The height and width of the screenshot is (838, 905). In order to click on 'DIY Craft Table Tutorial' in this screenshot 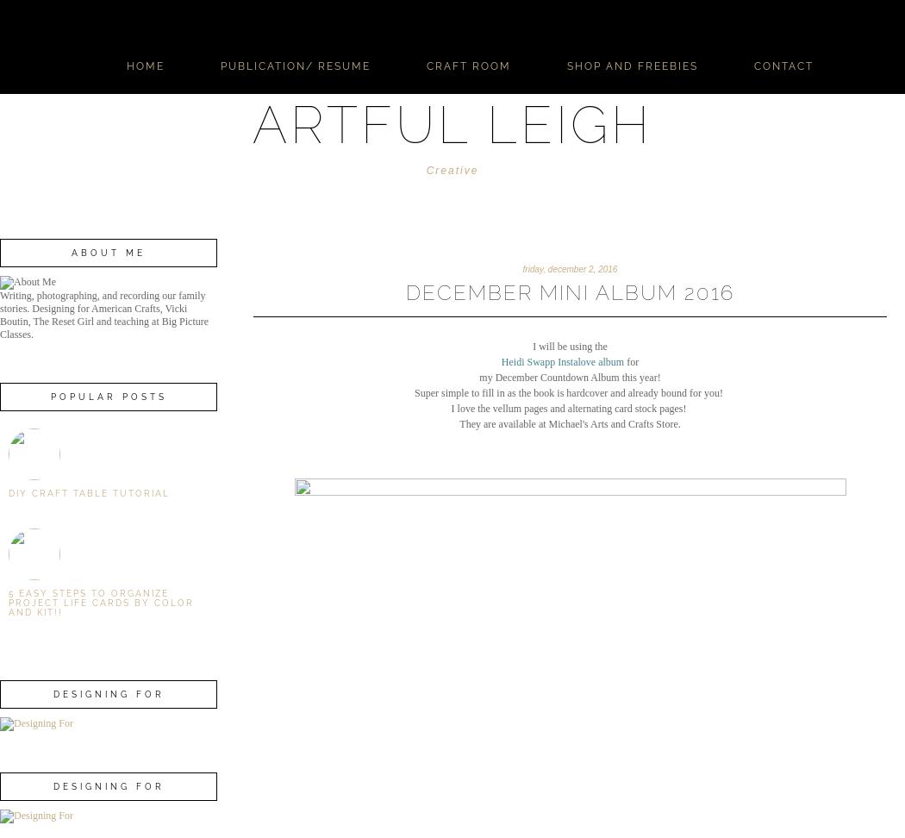, I will do `click(89, 492)`.